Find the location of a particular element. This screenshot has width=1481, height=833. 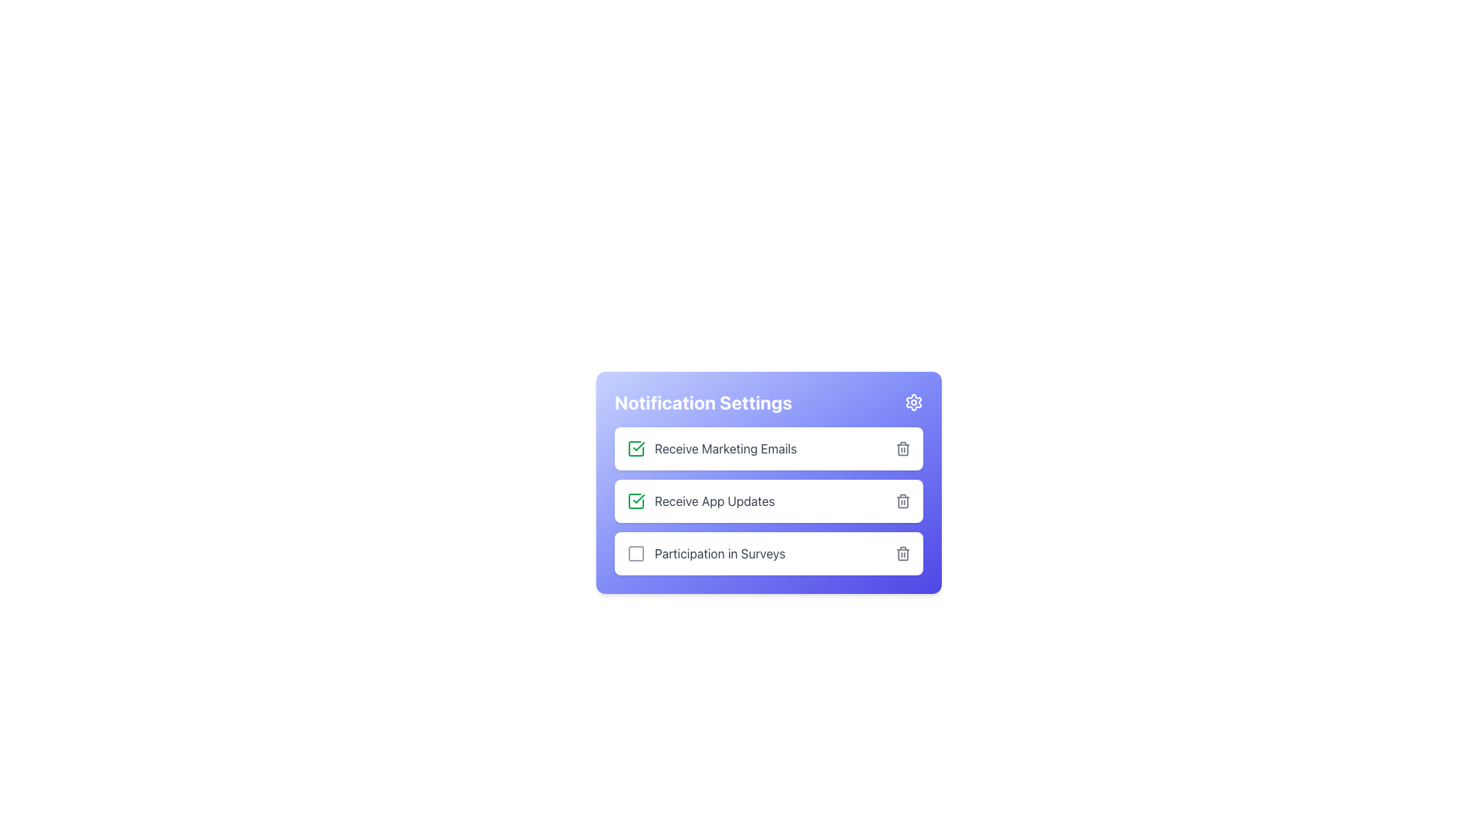

the green-outlined square icon with a checkmark inside, located to the left of 'Receive Marketing Emails' in the notification settings section is located at coordinates (636, 449).